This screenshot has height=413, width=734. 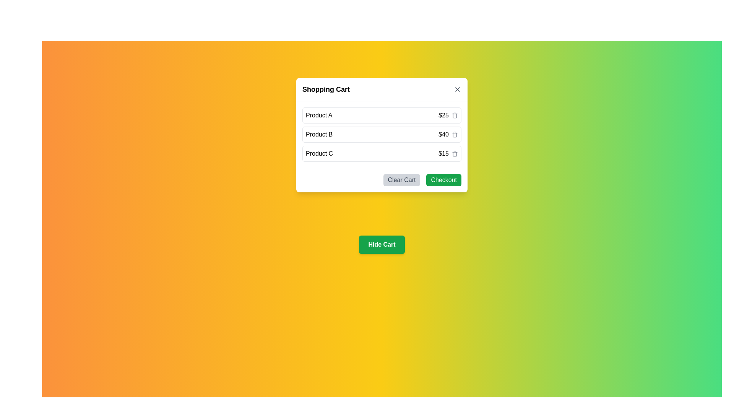 I want to click on the Close button icon, which resembles an 'X' and is located in the upper-right corner of the 'Shopping Cart' panel, so click(x=457, y=89).